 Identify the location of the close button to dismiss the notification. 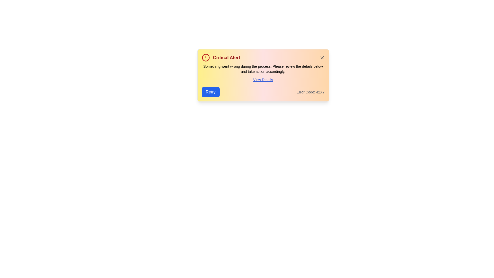
(322, 57).